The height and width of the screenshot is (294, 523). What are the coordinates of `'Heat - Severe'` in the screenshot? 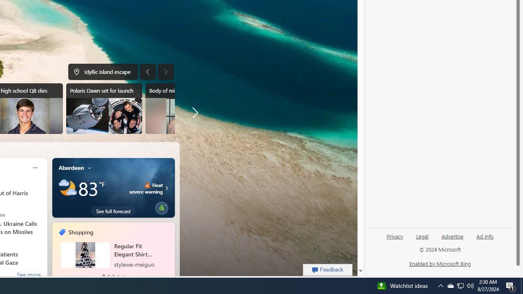 It's located at (147, 185).